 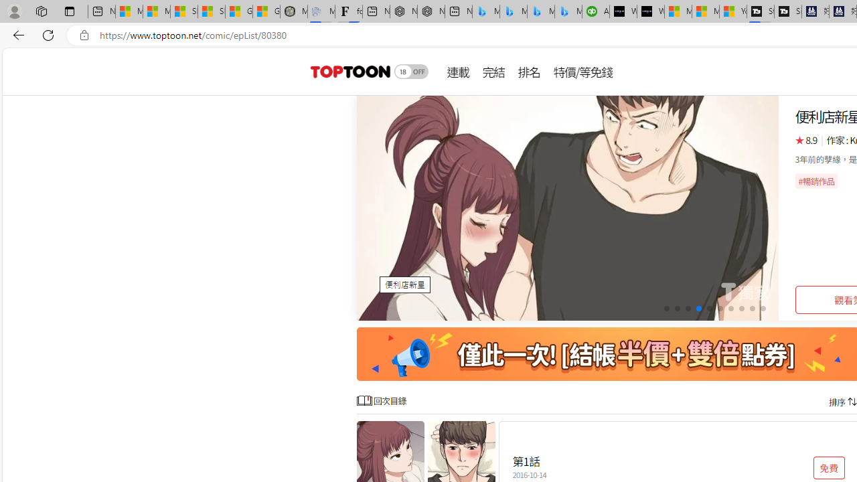 I want to click on 'Microsoft Start', so click(x=705, y=11).